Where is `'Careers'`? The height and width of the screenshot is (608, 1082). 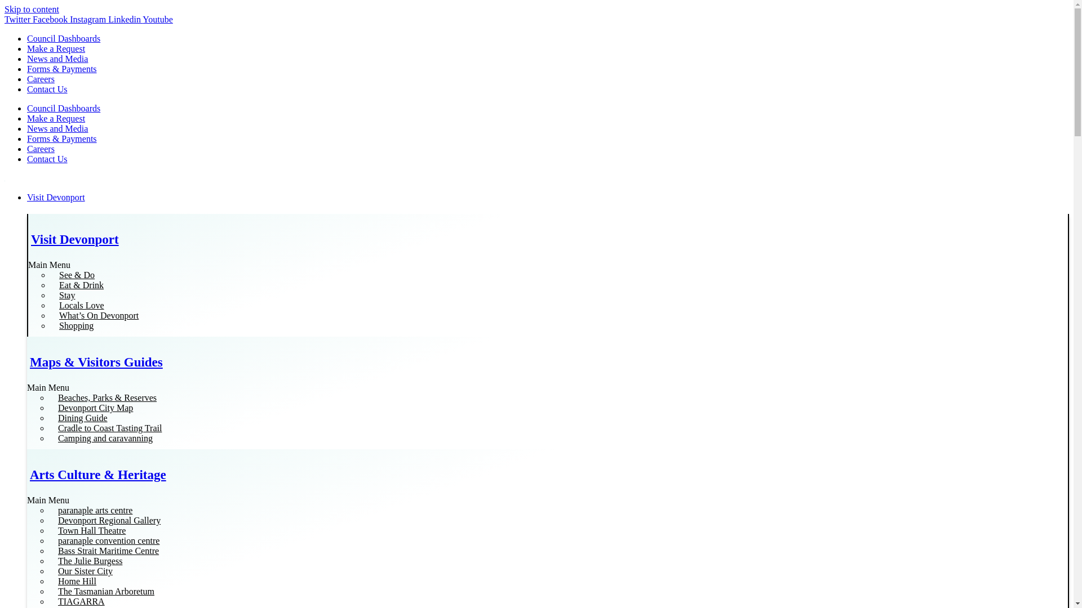 'Careers' is located at coordinates (27, 148).